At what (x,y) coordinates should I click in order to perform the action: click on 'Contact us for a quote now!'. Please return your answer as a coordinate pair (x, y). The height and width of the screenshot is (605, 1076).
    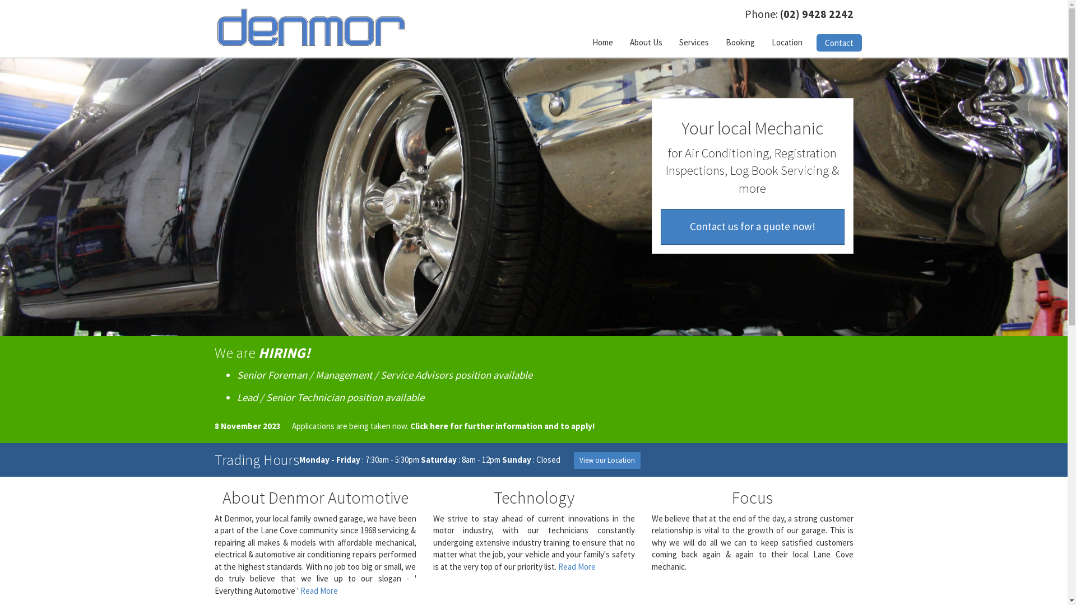
    Looking at the image, I should click on (752, 226).